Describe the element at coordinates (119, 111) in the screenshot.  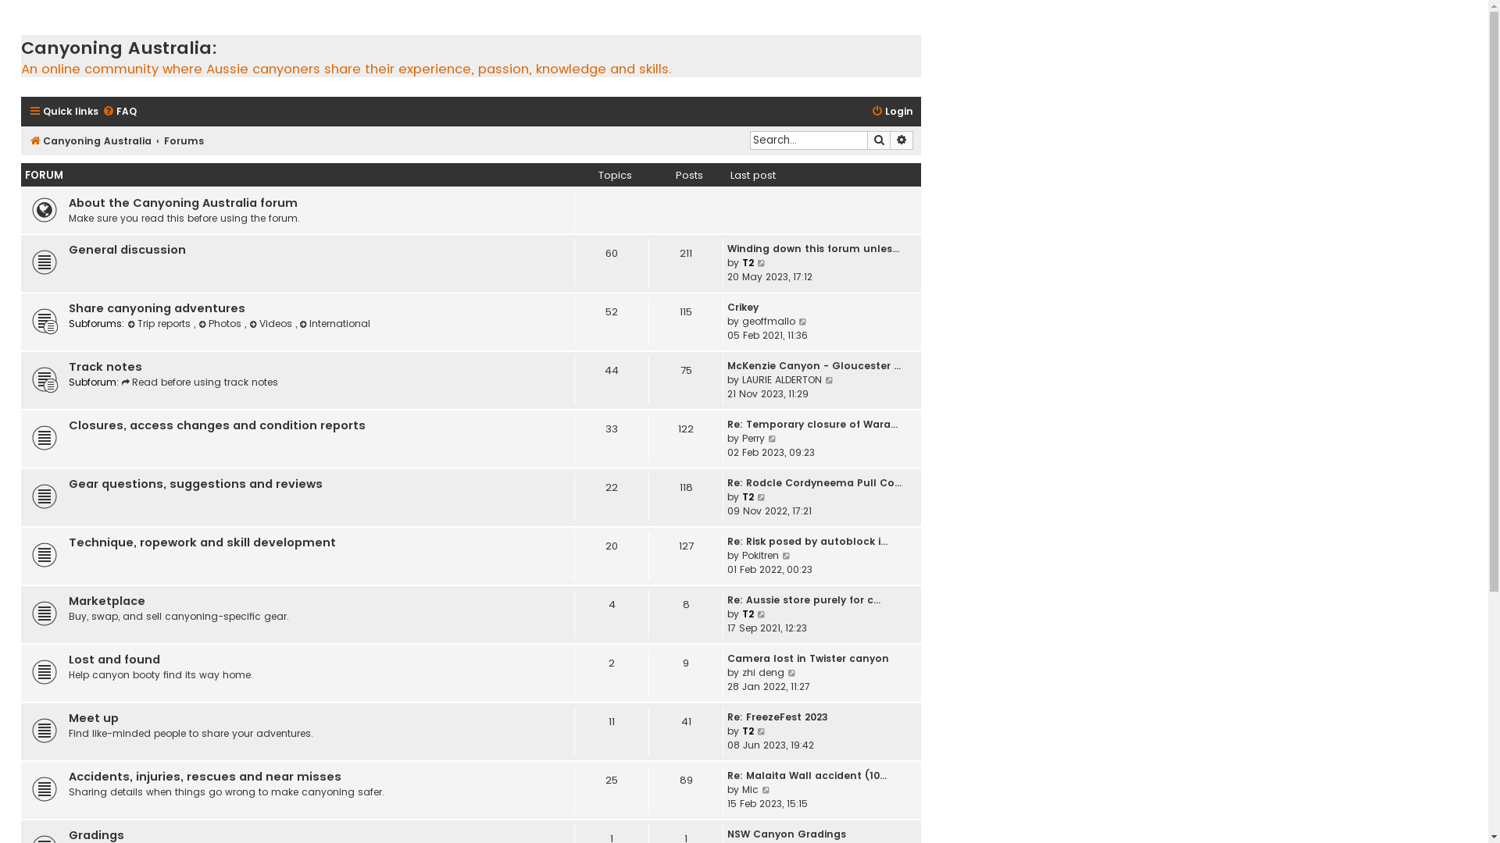
I see `'FAQ'` at that location.